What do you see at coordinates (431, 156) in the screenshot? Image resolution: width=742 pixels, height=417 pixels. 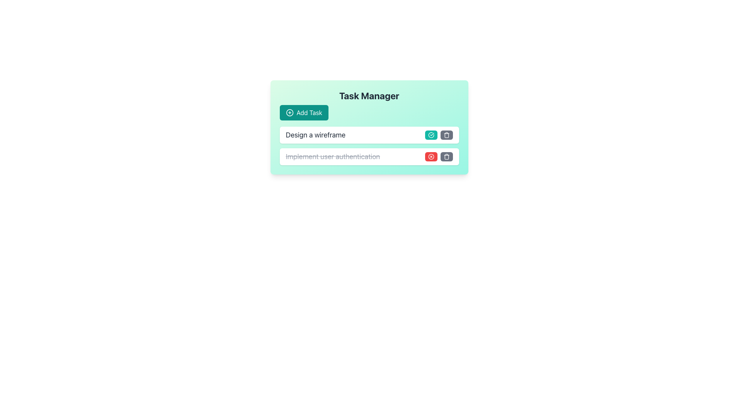 I see `the leftmost red button with a white circular icon next to the text 'Implement user authentication'` at bounding box center [431, 156].